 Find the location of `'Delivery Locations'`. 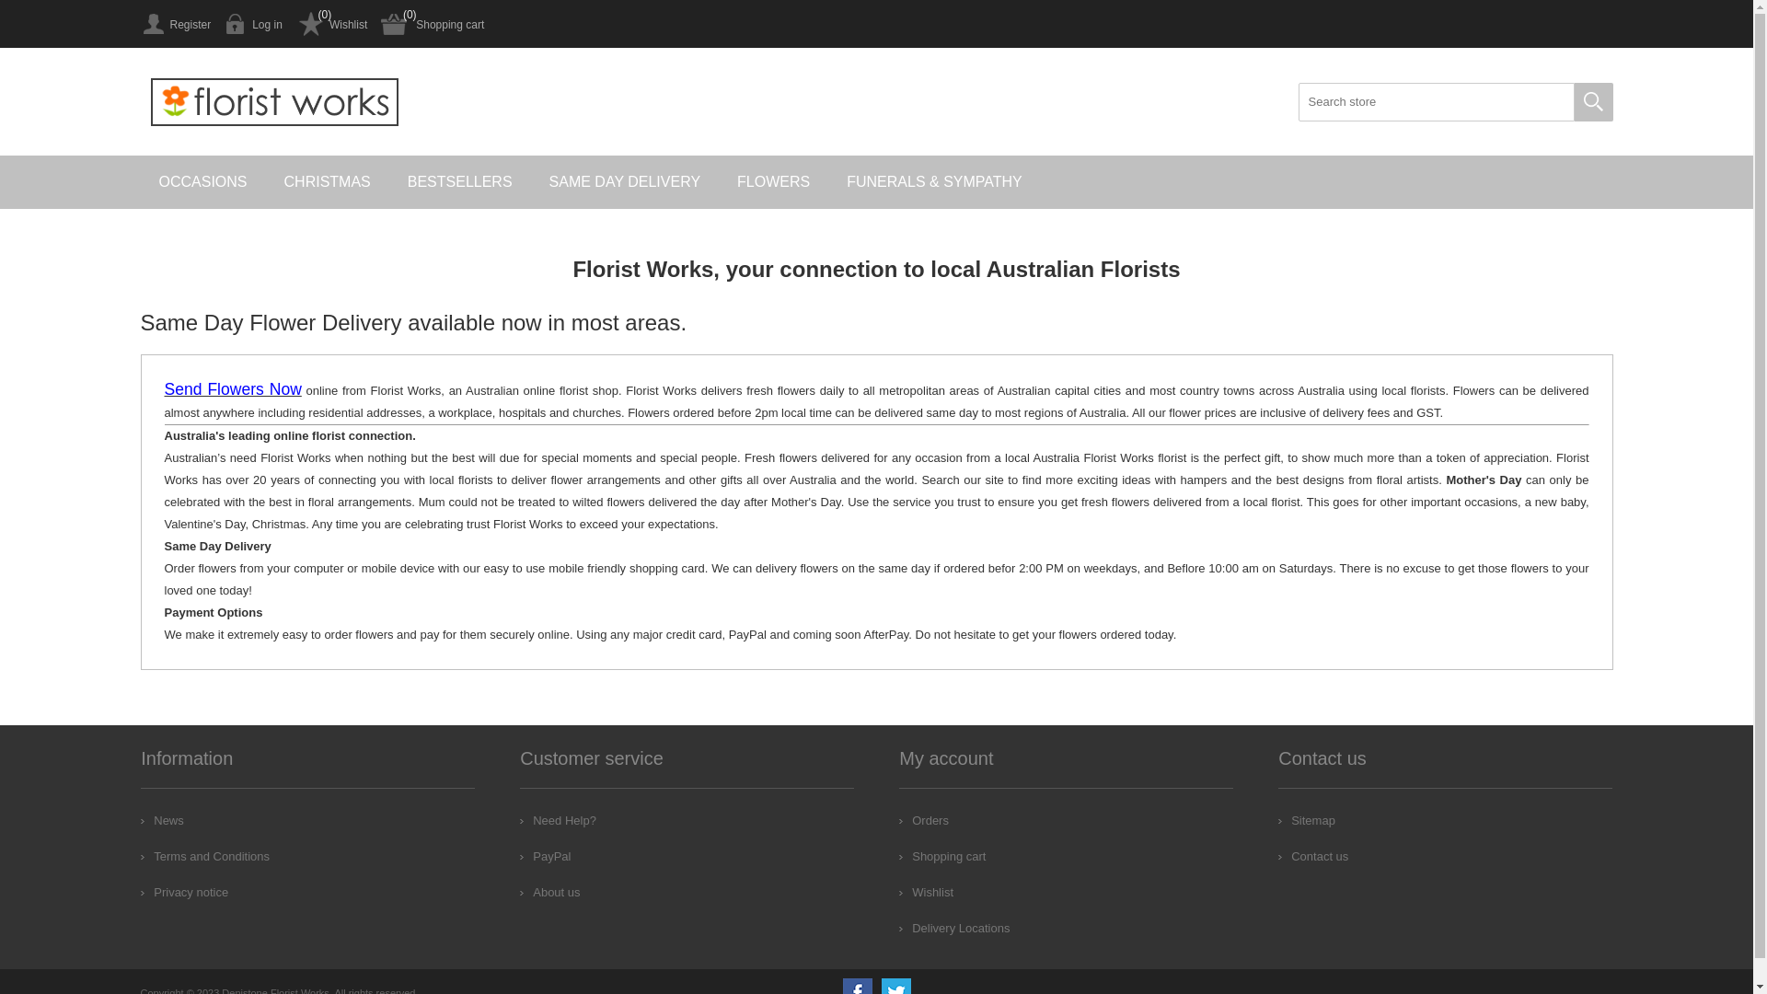

'Delivery Locations' is located at coordinates (899, 928).